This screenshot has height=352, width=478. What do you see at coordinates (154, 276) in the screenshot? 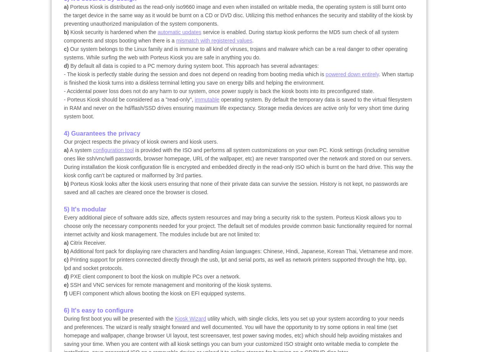
I see `'PXE client component to boot the kiosk on multiple PCs over a network.'` at bounding box center [154, 276].